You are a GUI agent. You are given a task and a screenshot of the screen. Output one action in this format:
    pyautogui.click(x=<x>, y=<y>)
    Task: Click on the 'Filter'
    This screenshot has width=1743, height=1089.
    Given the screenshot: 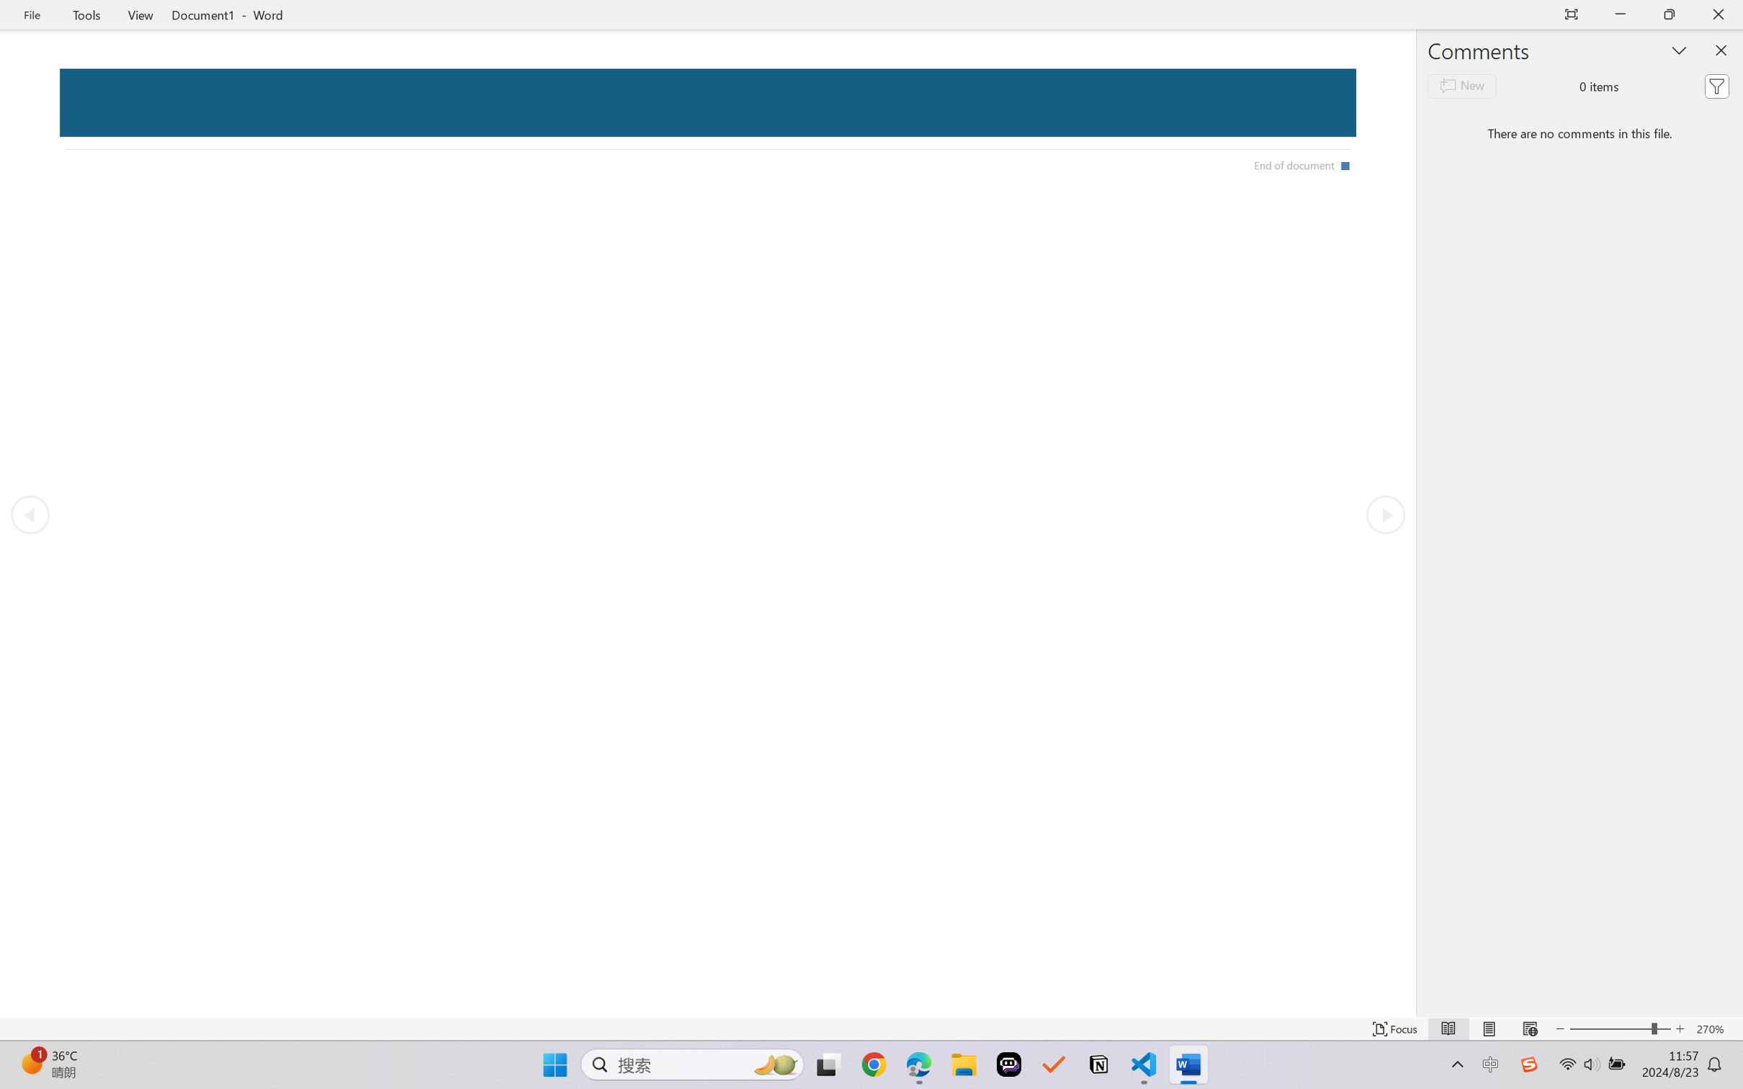 What is the action you would take?
    pyautogui.click(x=1716, y=86)
    